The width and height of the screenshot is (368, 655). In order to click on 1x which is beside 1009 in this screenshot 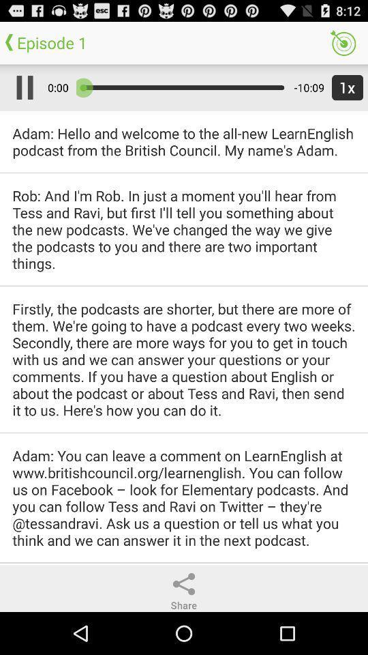, I will do `click(344, 87)`.